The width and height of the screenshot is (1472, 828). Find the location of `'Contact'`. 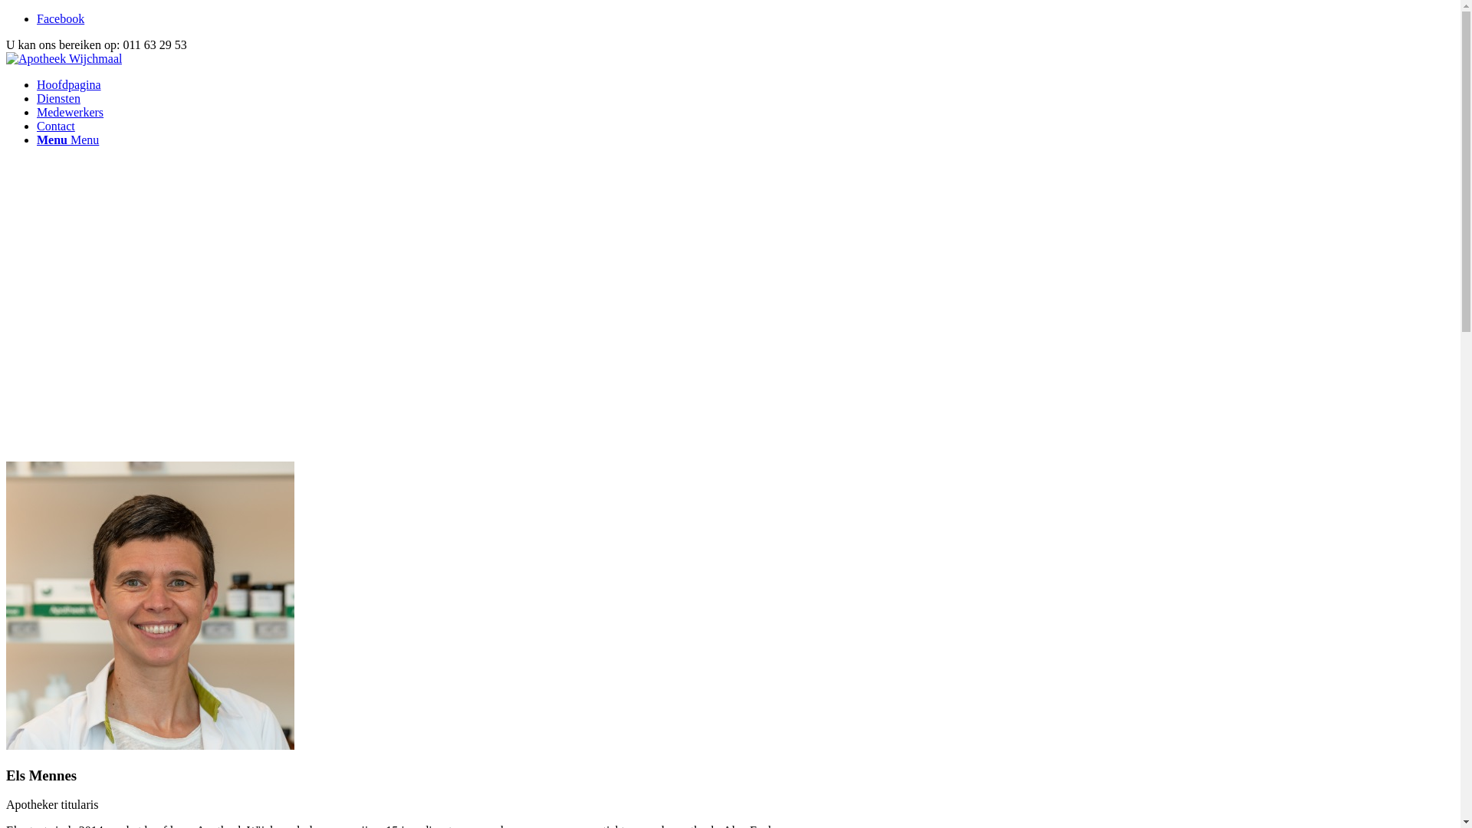

'Contact' is located at coordinates (55, 125).